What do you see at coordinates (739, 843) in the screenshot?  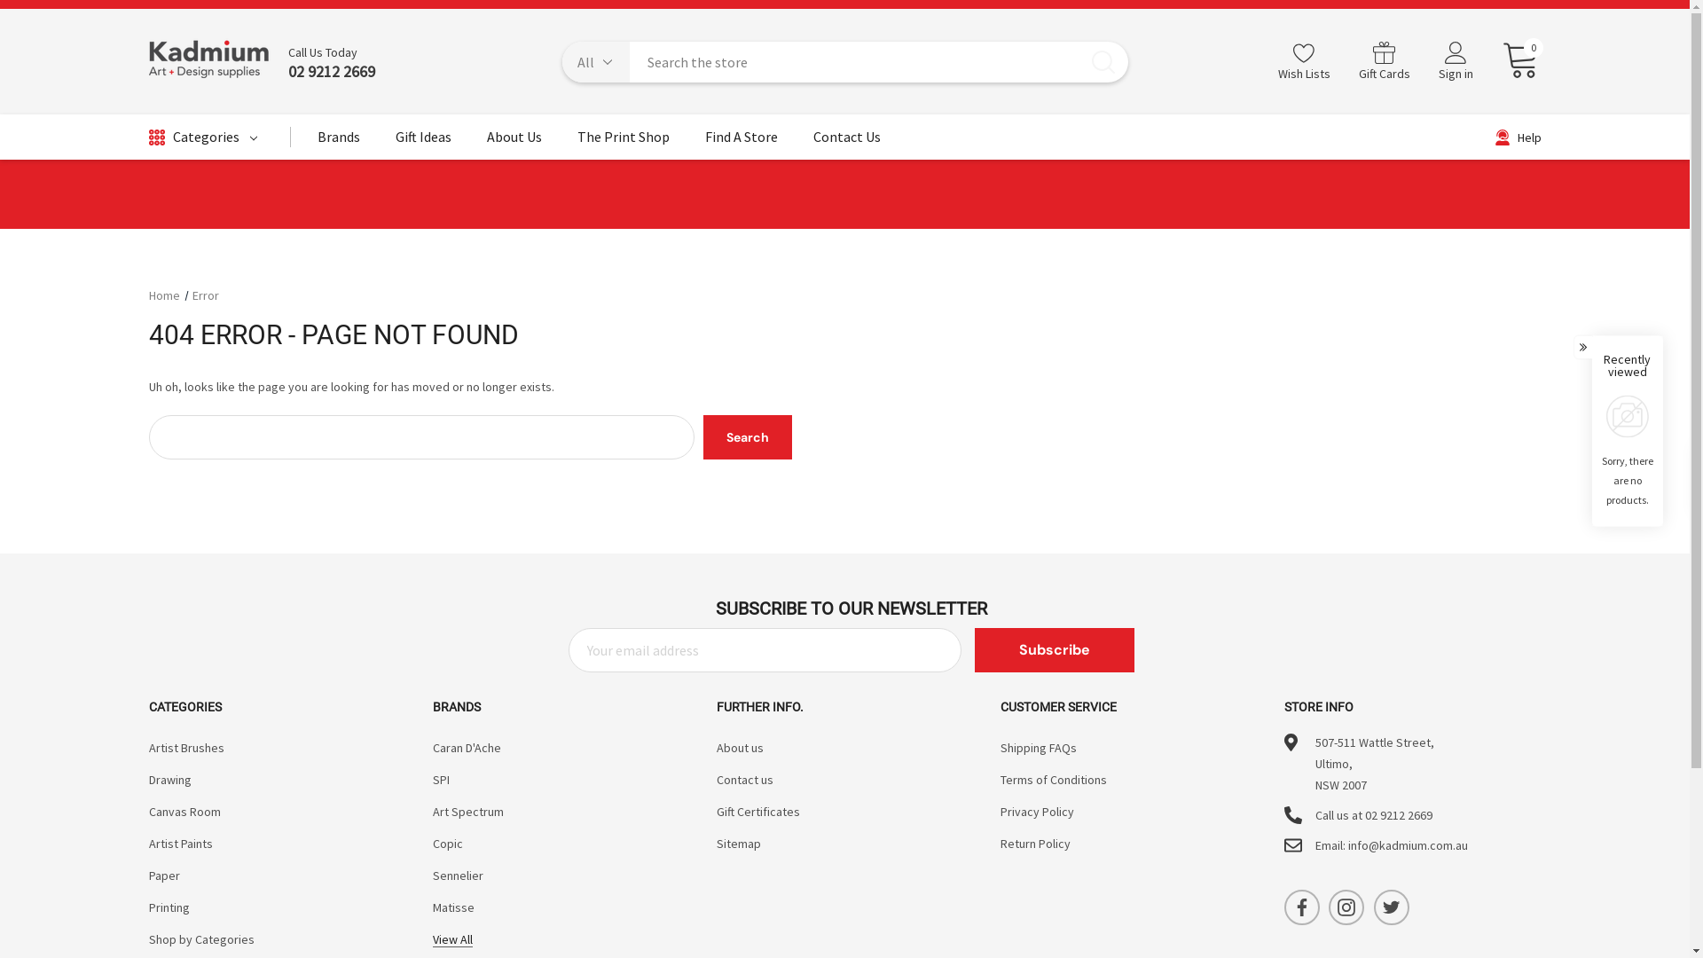 I see `'Sitemap'` at bounding box center [739, 843].